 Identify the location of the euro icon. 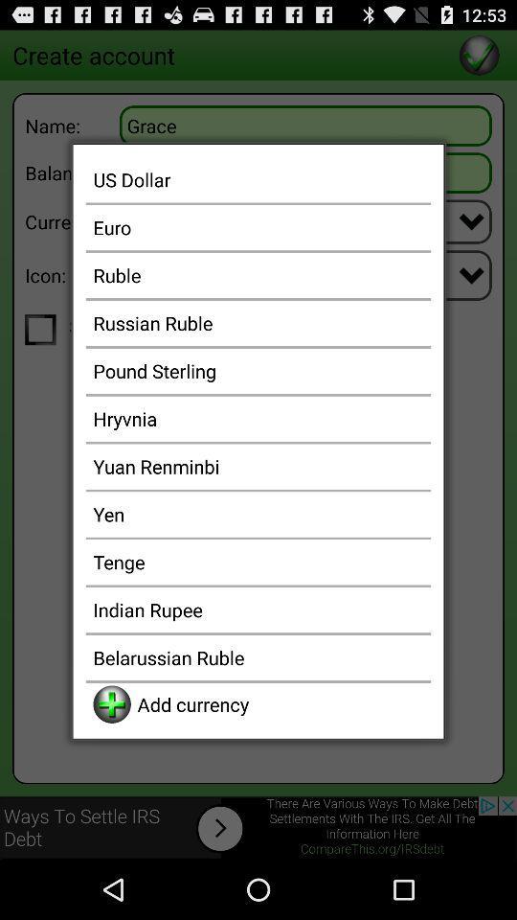
(258, 227).